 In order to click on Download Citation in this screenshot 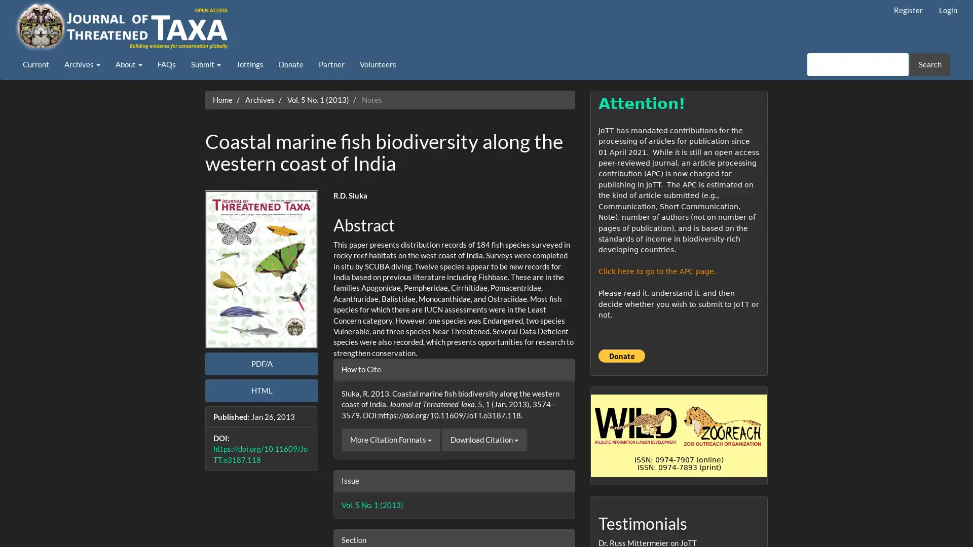, I will do `click(483, 439)`.